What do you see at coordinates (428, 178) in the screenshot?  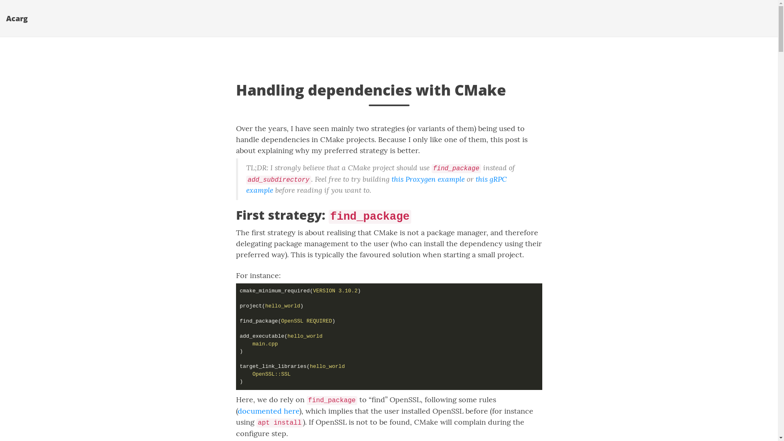 I see `'this Proxygen example'` at bounding box center [428, 178].